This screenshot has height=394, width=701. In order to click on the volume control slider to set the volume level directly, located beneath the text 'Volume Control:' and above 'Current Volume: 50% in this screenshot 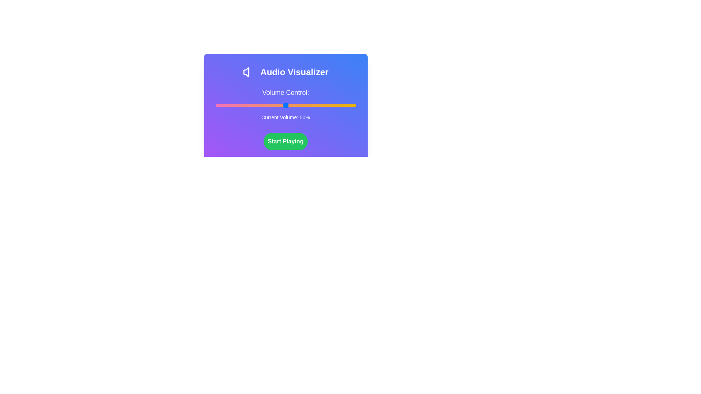, I will do `click(285, 105)`.